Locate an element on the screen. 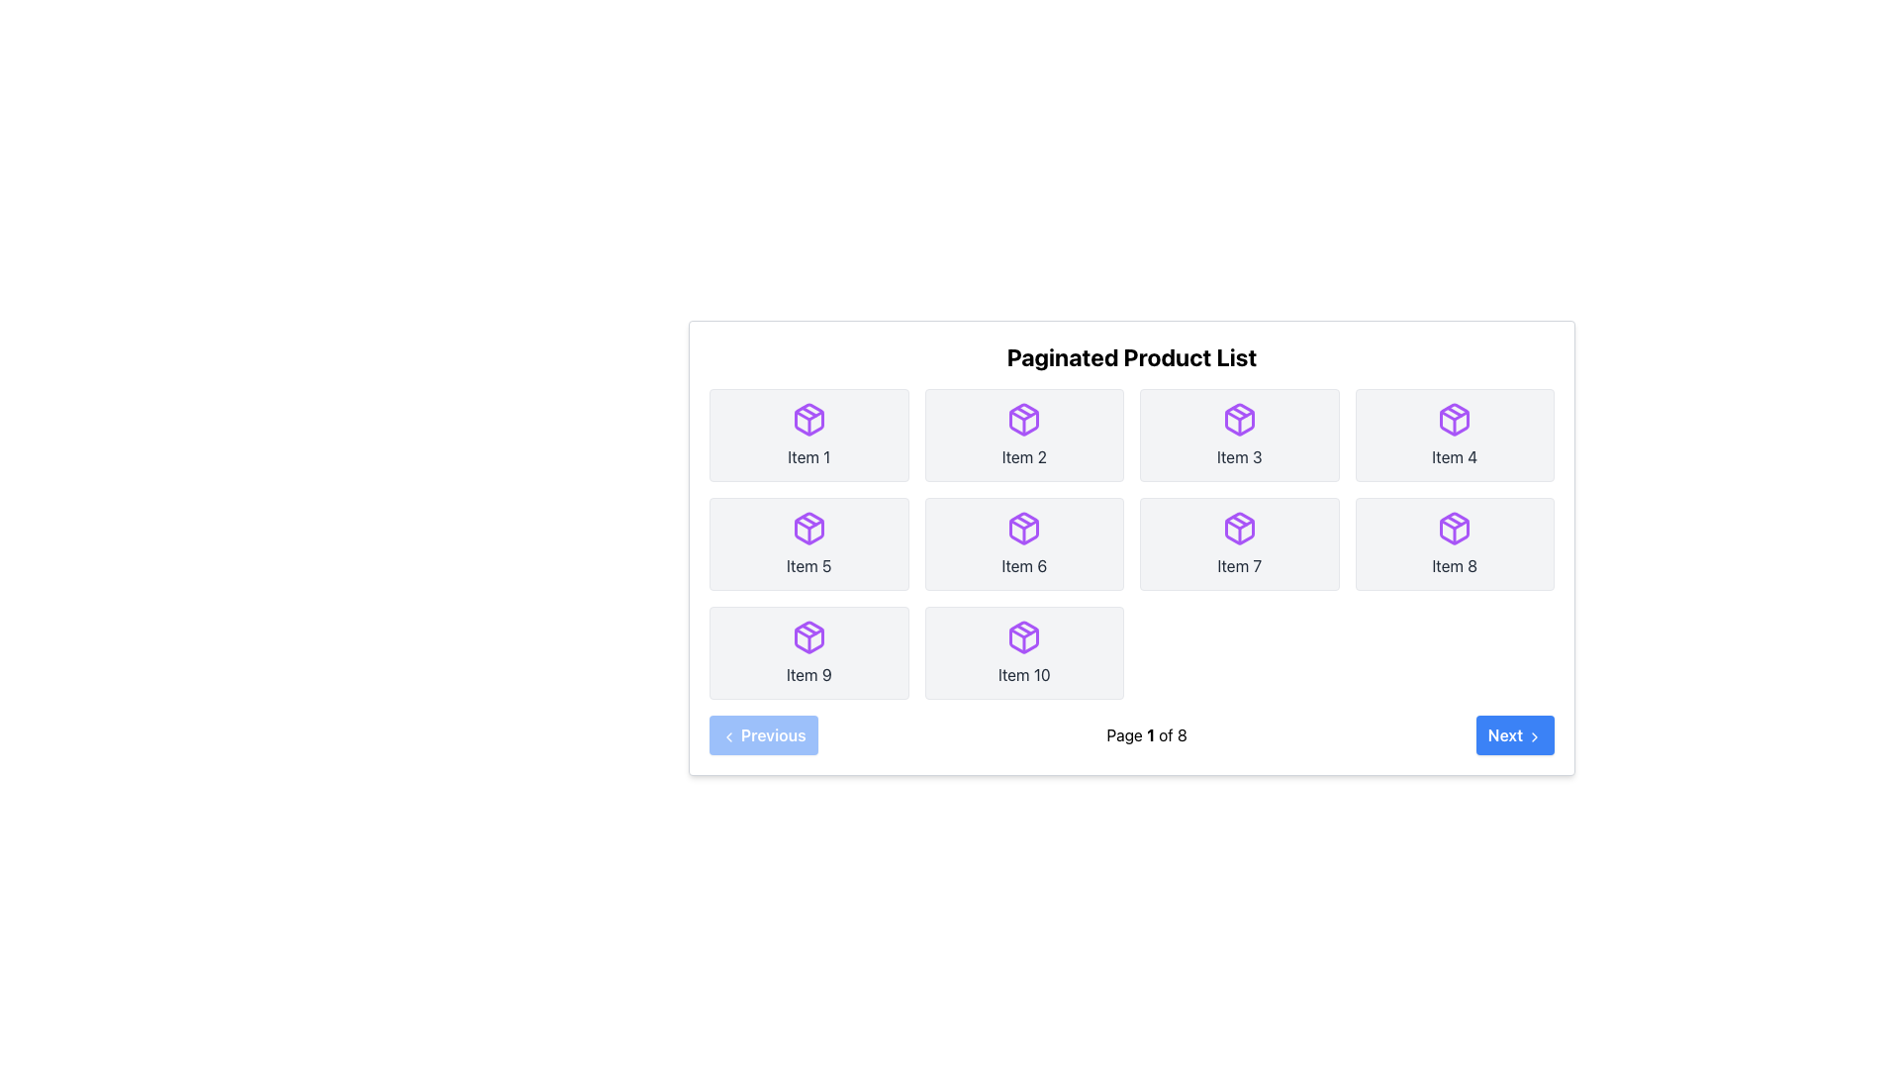 Image resolution: width=1900 pixels, height=1069 pixels. the bold numeral '1' in the text 'Page 1 of 8' located at the bottom-center of the interface is located at coordinates (1150, 735).